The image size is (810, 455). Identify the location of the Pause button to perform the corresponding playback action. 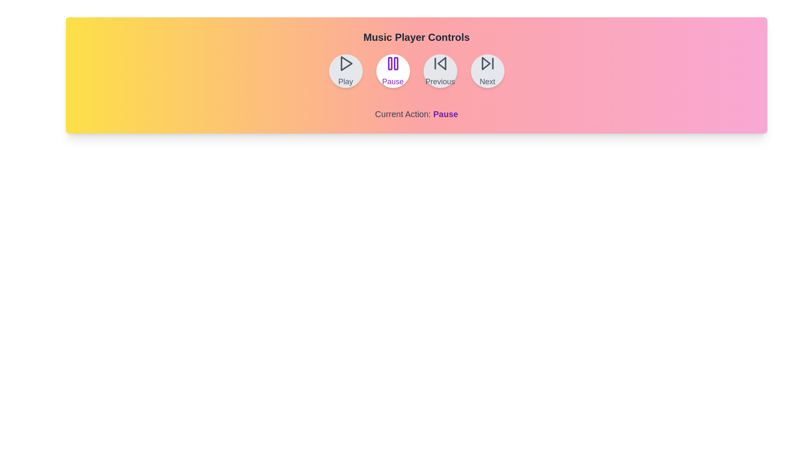
(392, 71).